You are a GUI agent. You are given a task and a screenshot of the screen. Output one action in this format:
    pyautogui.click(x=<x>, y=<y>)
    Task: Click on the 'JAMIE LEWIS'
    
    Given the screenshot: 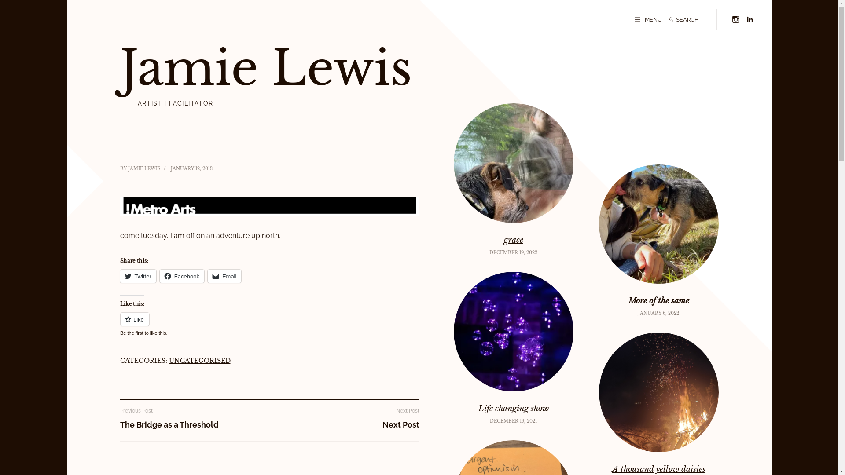 What is the action you would take?
    pyautogui.click(x=143, y=168)
    